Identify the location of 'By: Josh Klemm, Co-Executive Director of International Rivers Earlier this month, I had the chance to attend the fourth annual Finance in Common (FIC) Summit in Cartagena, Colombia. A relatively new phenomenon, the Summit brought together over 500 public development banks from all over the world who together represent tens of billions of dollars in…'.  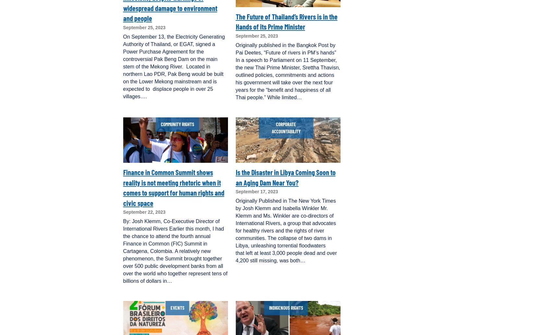
(174, 251).